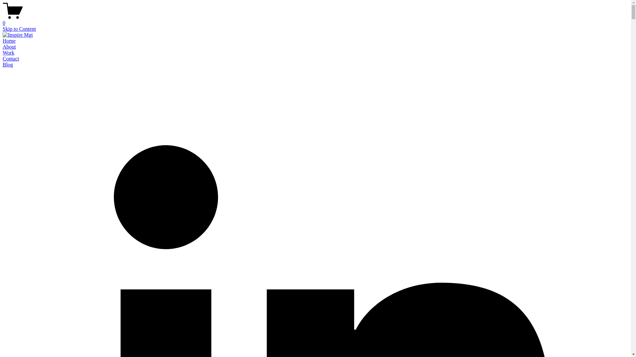  What do you see at coordinates (8, 52) in the screenshot?
I see `'Work'` at bounding box center [8, 52].